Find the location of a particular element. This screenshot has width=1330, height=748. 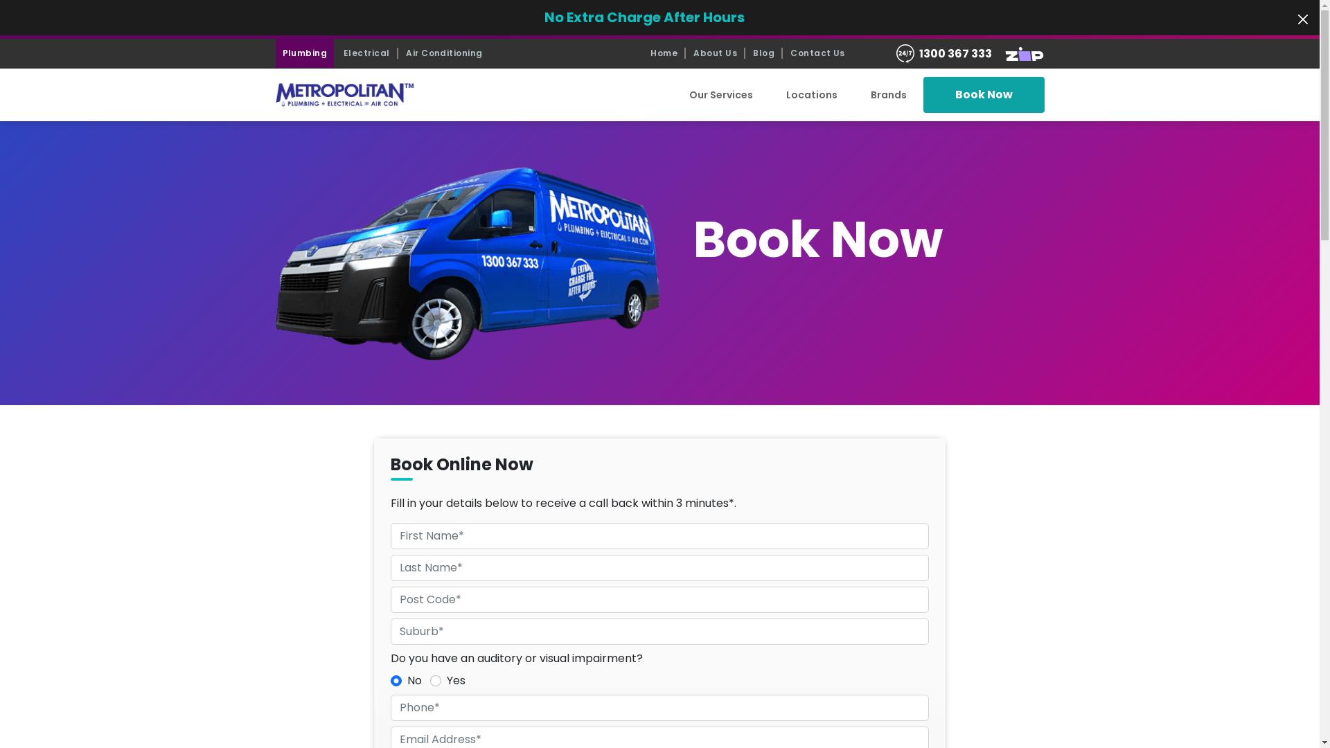

'1300 367 333' is located at coordinates (955, 53).